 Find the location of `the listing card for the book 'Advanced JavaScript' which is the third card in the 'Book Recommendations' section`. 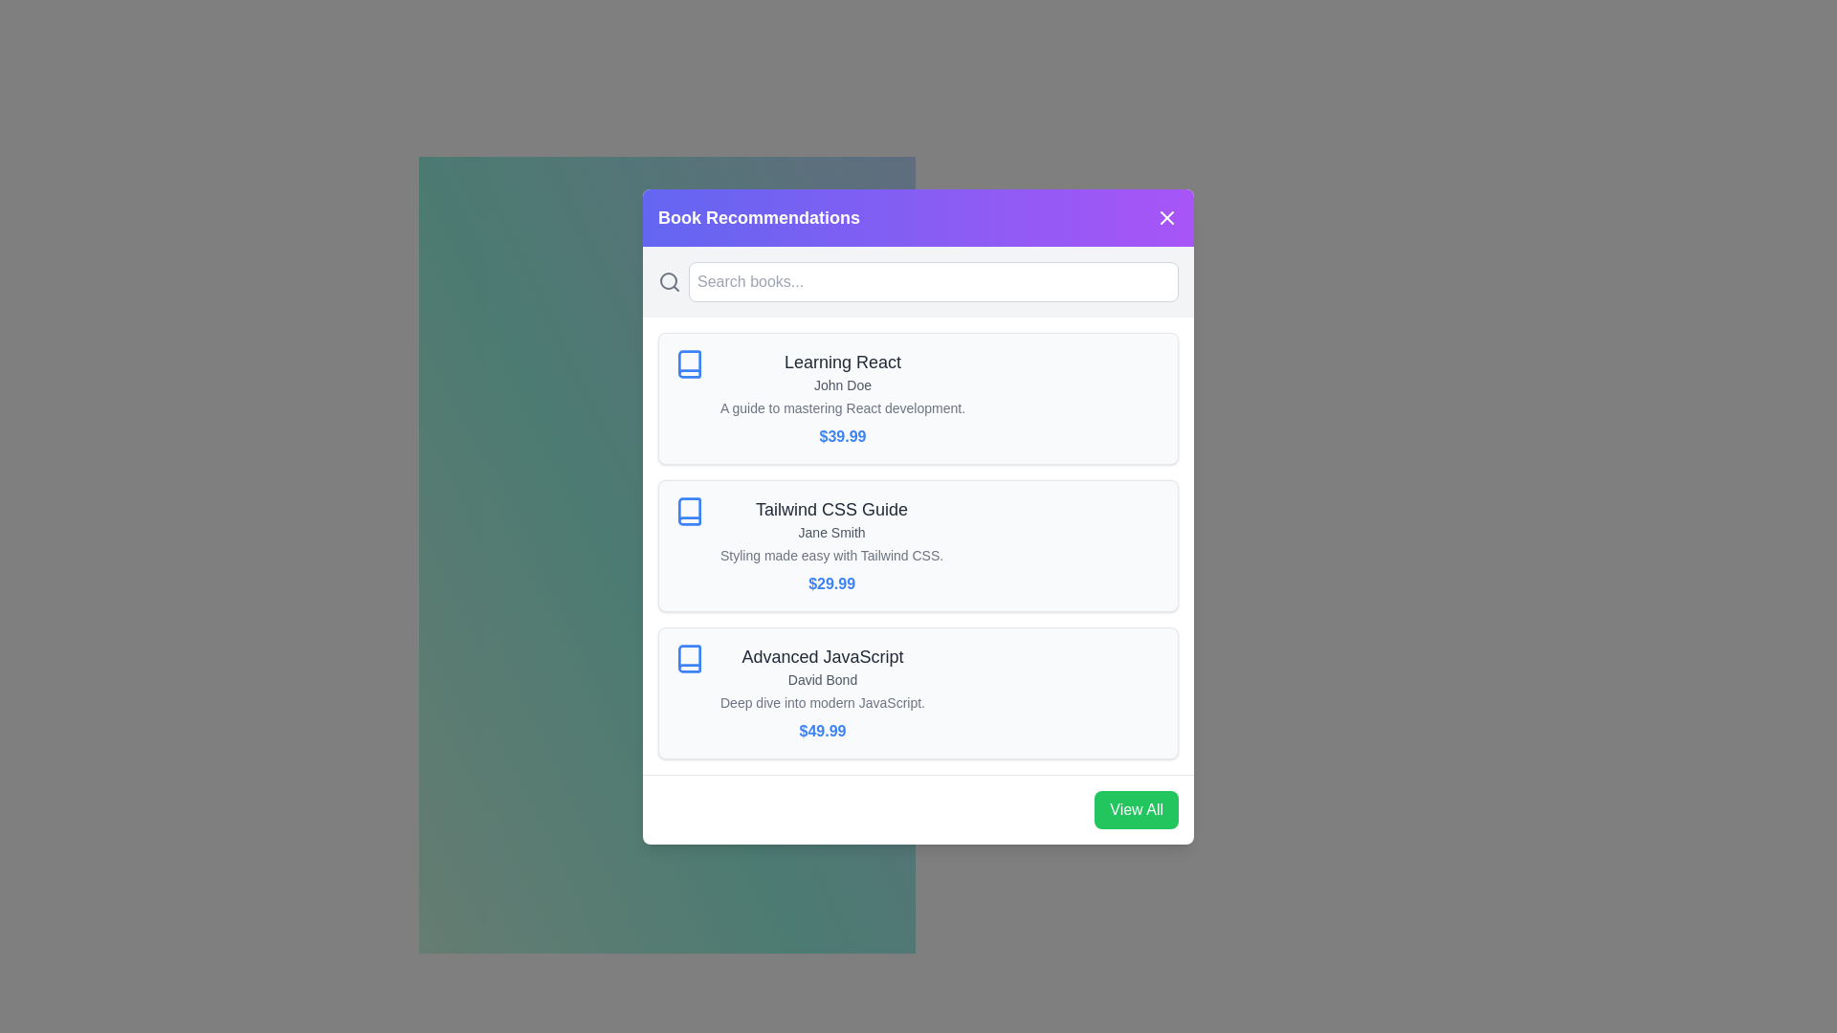

the listing card for the book 'Advanced JavaScript' which is the third card in the 'Book Recommendations' section is located at coordinates (918, 692).